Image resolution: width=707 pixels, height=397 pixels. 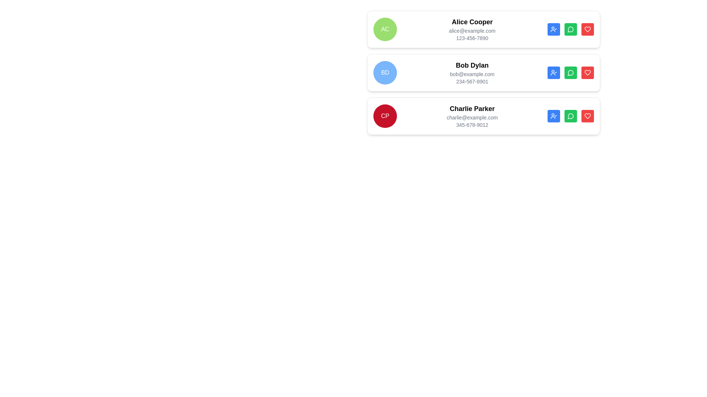 I want to click on the second button in the group of three buttons aligned horizontally at the top-right corner of the first list item, which resembles a speech bubble, so click(x=570, y=29).